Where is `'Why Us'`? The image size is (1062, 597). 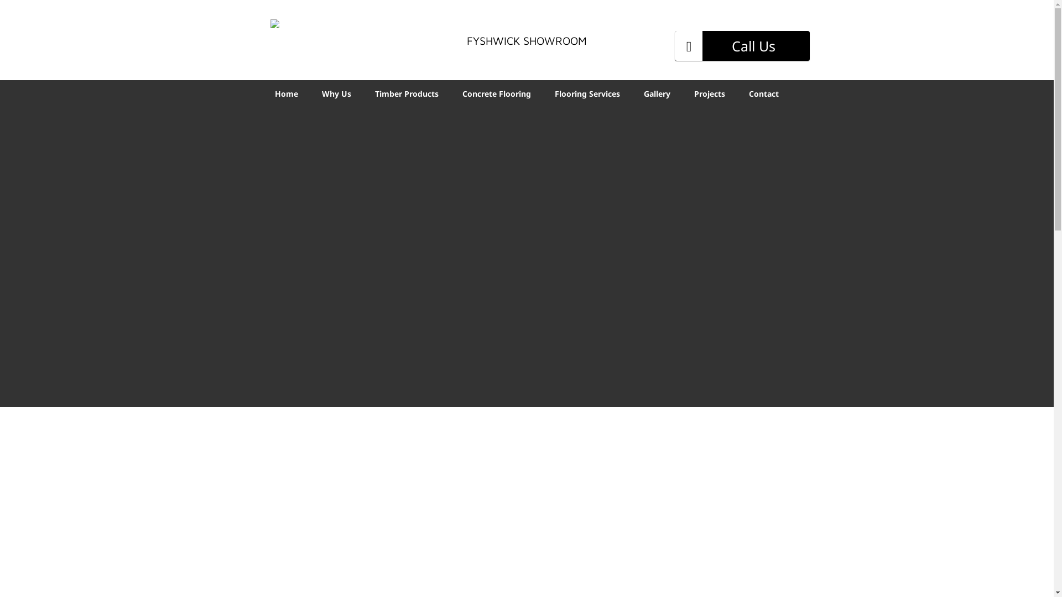 'Why Us' is located at coordinates (336, 92).